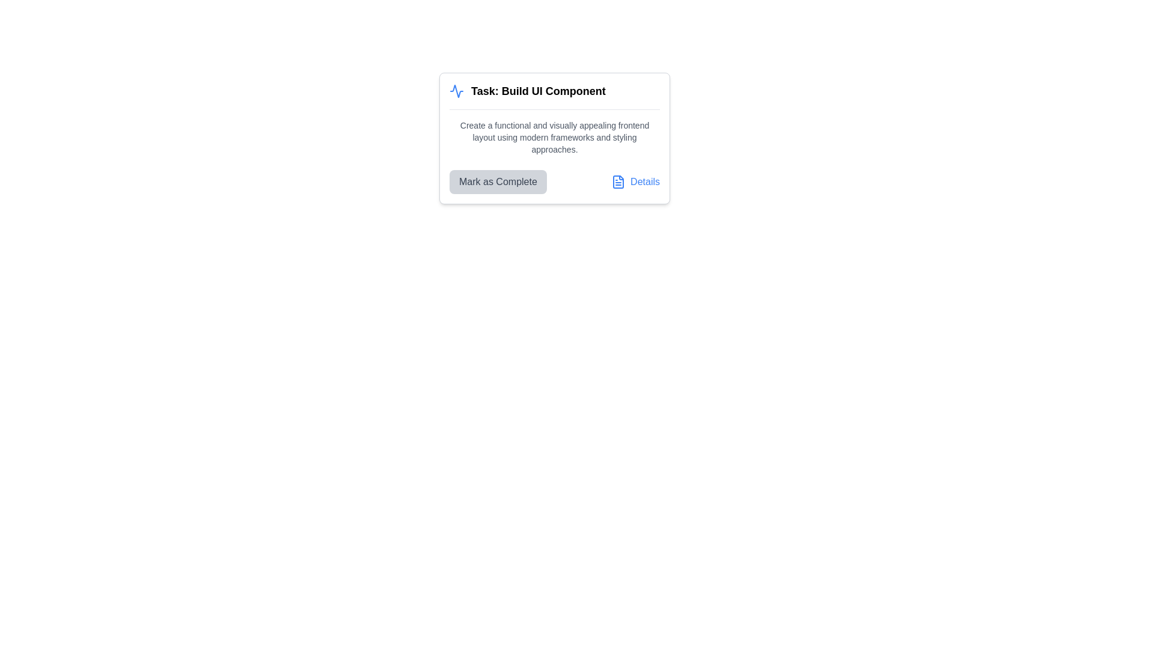 Image resolution: width=1154 pixels, height=649 pixels. I want to click on the text within the second textual block that contains the sentence 'Create a functional and visually appealing frontend layout using modern frameworks and styling approaches.' located beneath the heading 'Task: Build UI Component.', so click(554, 136).